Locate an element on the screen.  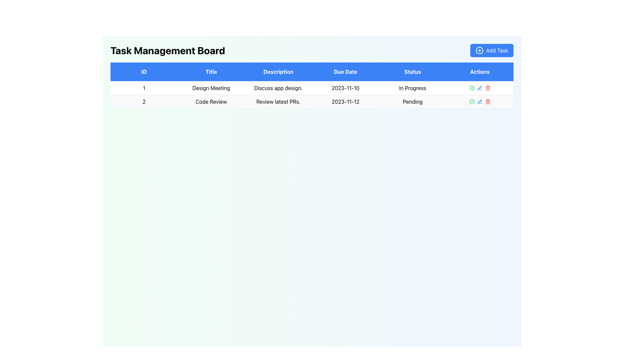
the small blue pen-shaped icon located in the 'Actions' column of the second row, which is the second icon from the right is located at coordinates (480, 101).